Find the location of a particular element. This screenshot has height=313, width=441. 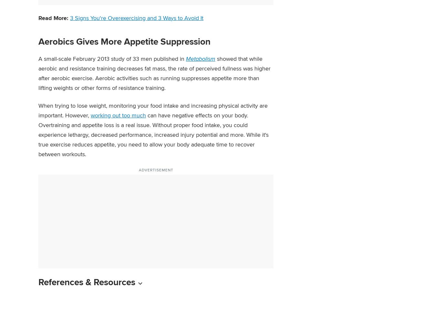

'Advertisement' is located at coordinates (156, 169).